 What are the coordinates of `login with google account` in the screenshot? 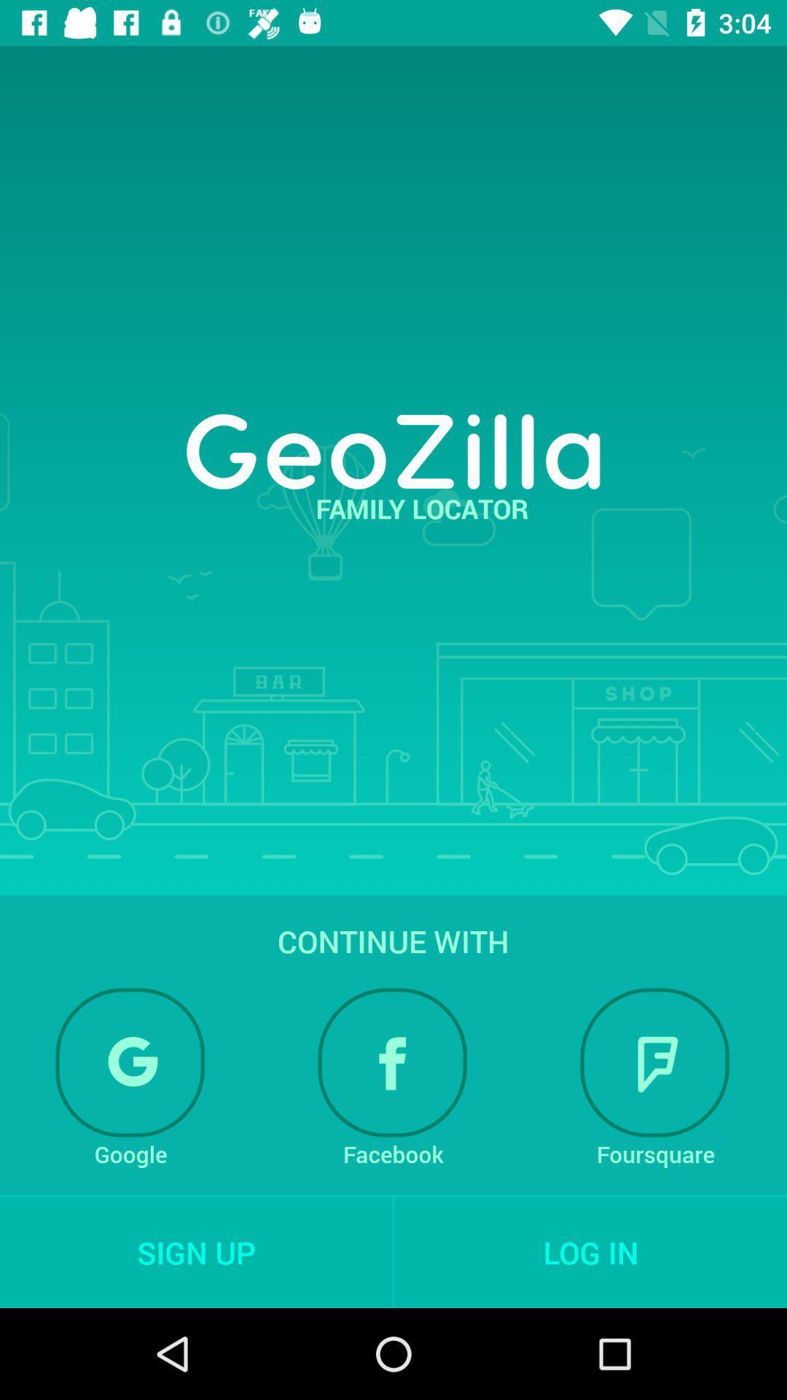 It's located at (130, 1062).